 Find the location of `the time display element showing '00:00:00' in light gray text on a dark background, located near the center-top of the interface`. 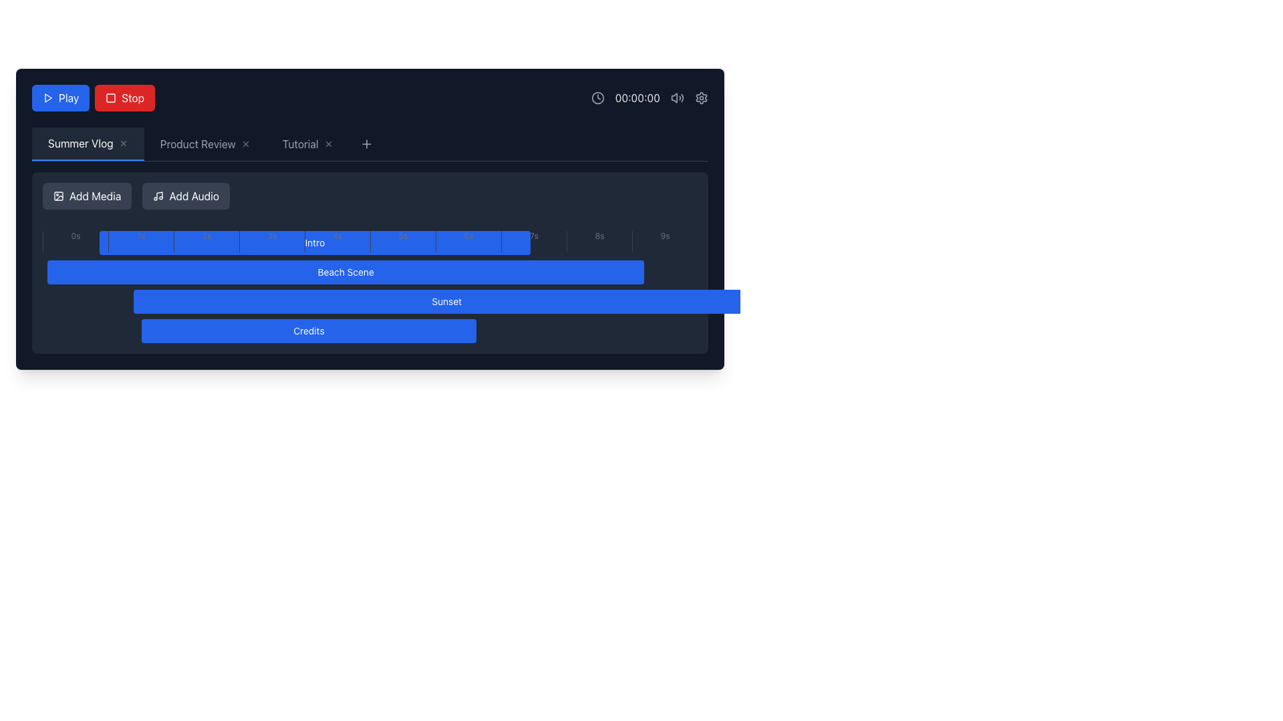

the time display element showing '00:00:00' in light gray text on a dark background, located near the center-top of the interface is located at coordinates (637, 97).